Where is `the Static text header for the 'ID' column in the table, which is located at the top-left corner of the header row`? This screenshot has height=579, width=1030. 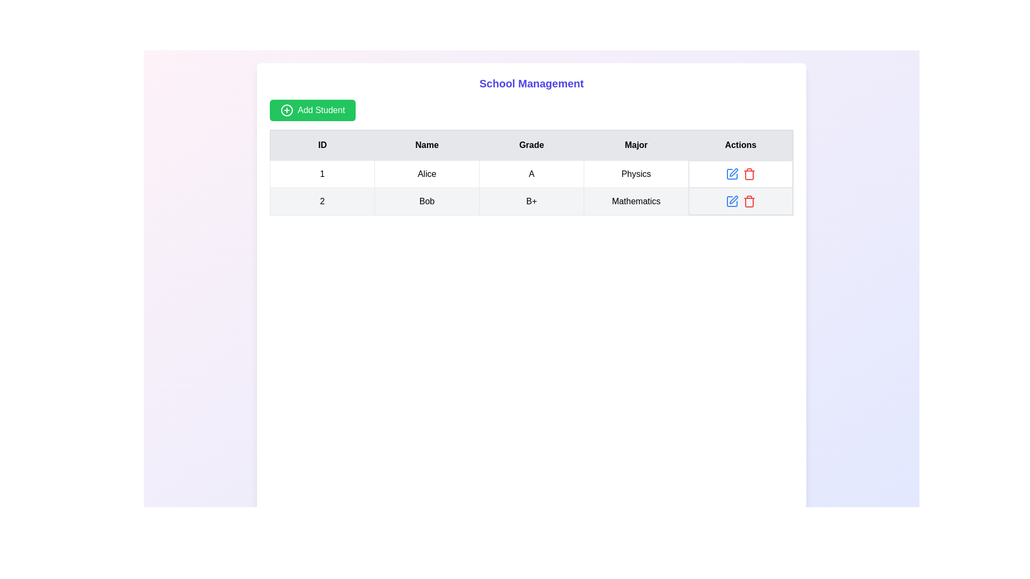
the Static text header for the 'ID' column in the table, which is located at the top-left corner of the header row is located at coordinates (321, 145).